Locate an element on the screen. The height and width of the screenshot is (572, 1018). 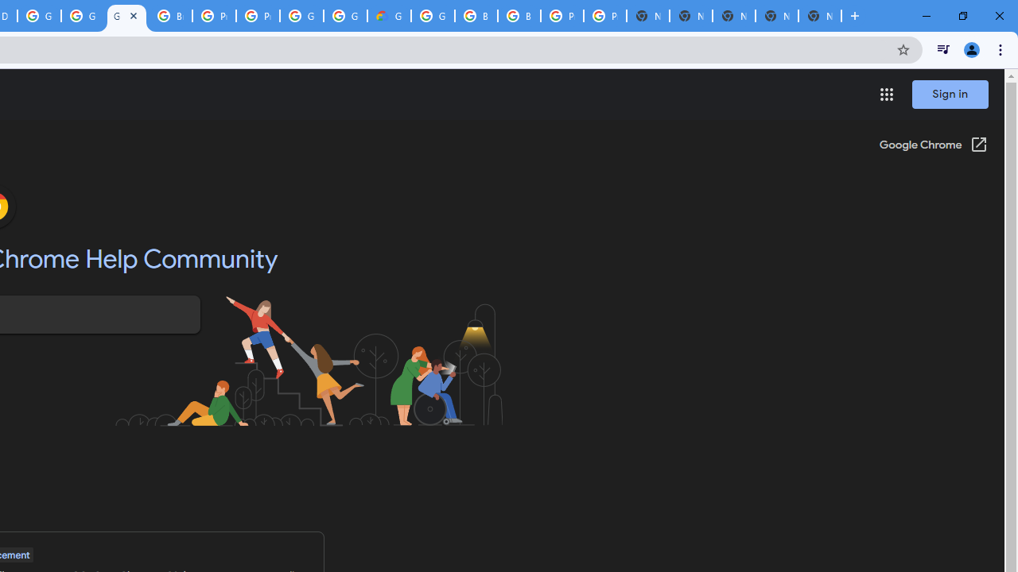
'New Tab' is located at coordinates (820, 16).